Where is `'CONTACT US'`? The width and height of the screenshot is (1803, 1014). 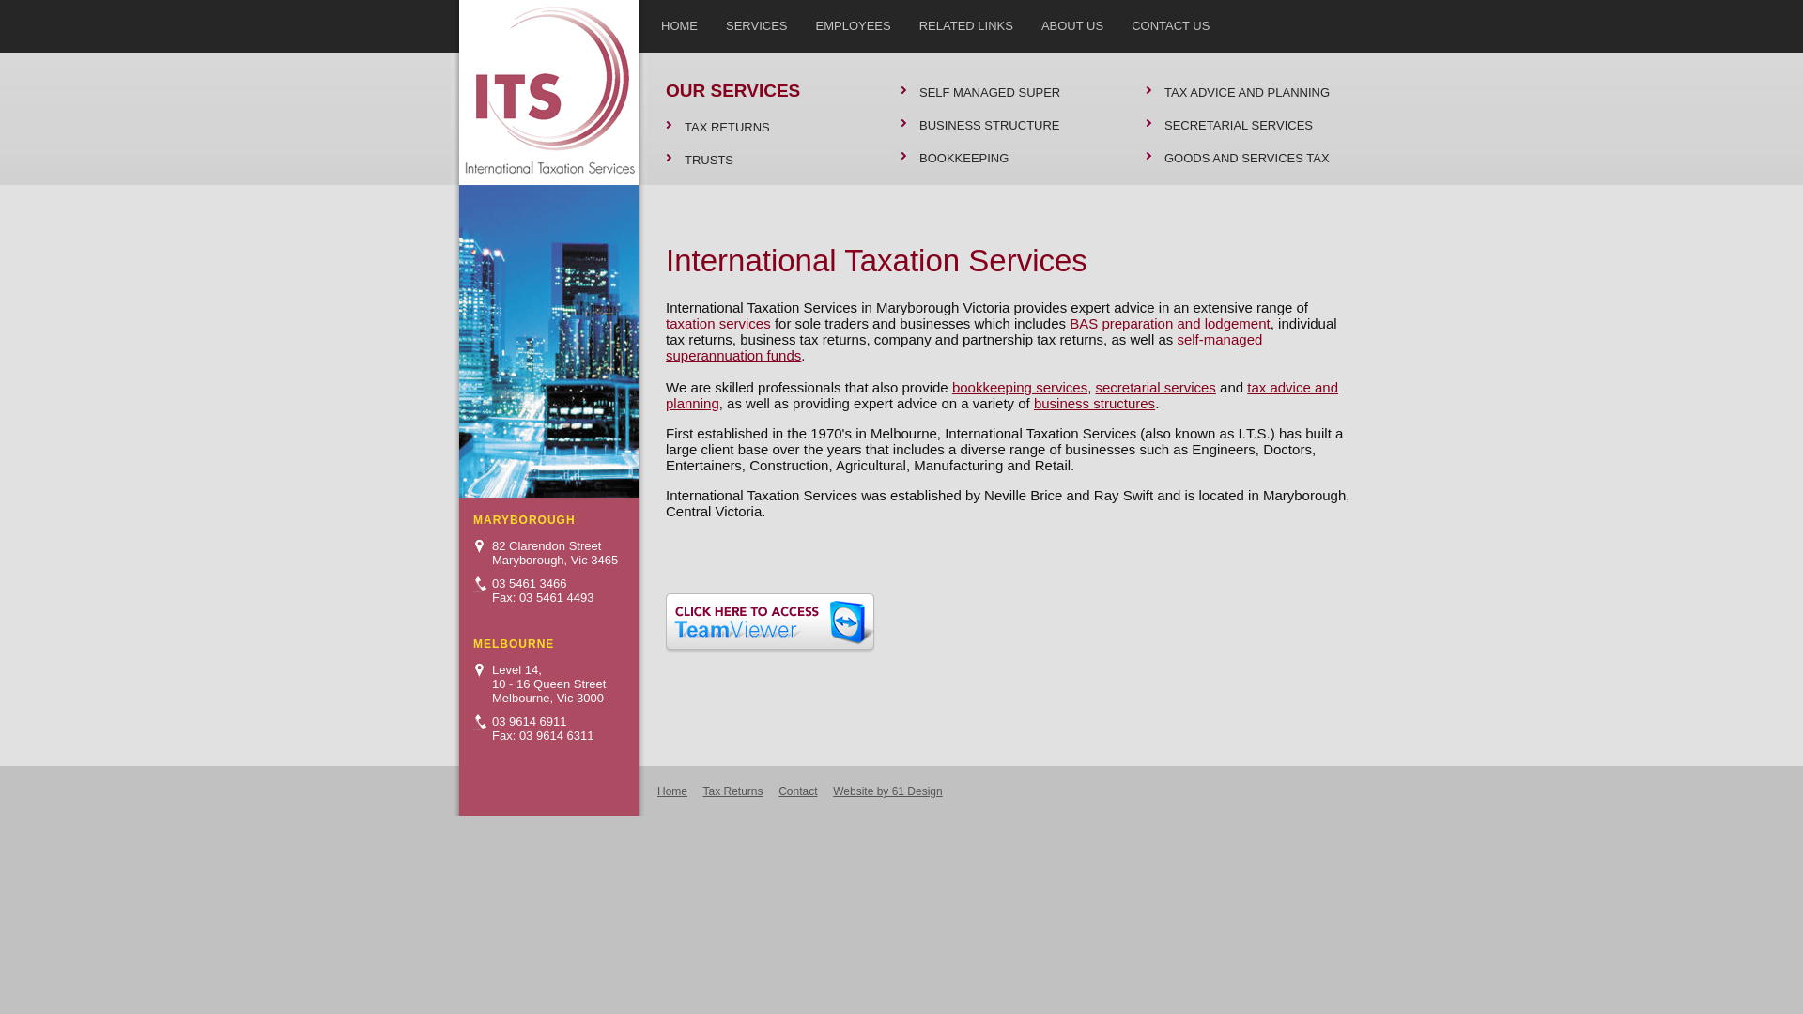 'CONTACT US' is located at coordinates (1117, 23).